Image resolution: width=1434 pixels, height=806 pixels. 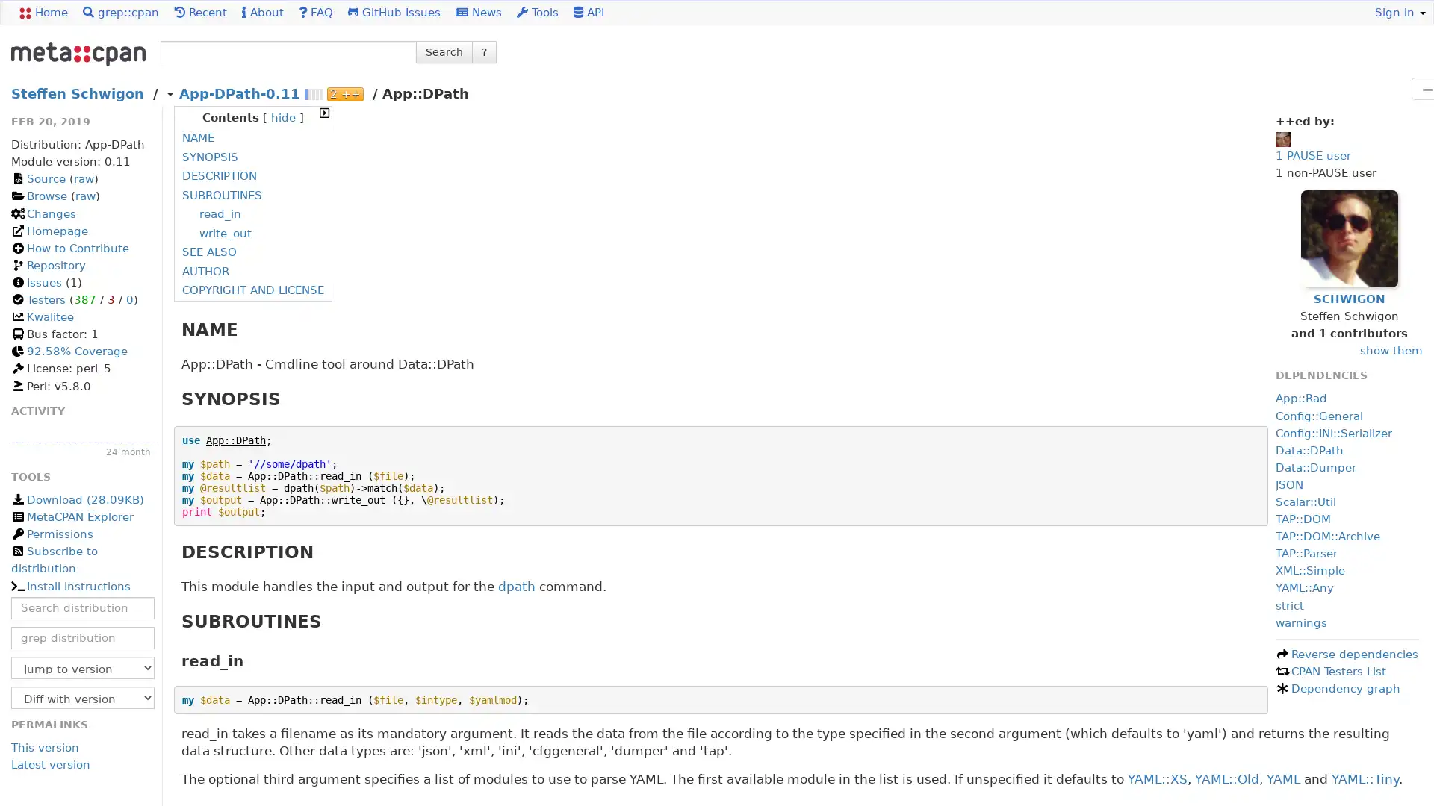 I want to click on hide, so click(x=283, y=117).